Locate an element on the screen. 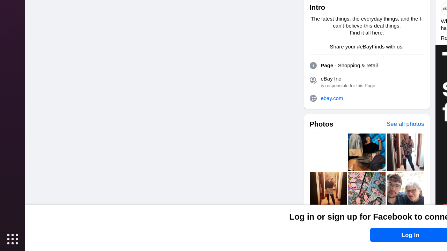  'Show Applications' is located at coordinates (12, 239).